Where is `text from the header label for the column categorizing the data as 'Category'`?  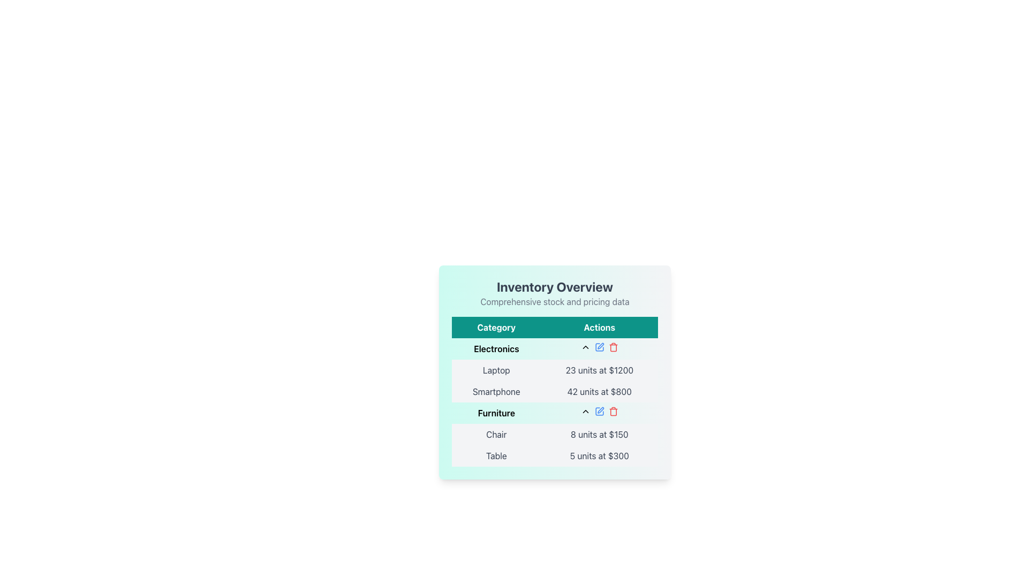 text from the header label for the column categorizing the data as 'Category' is located at coordinates (496, 327).